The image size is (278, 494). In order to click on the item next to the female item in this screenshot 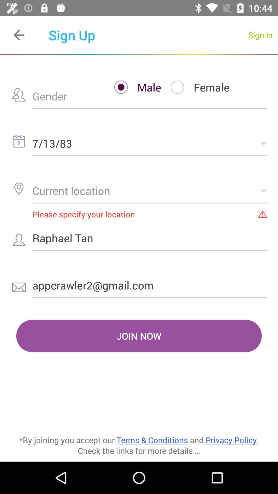, I will do `click(133, 87)`.